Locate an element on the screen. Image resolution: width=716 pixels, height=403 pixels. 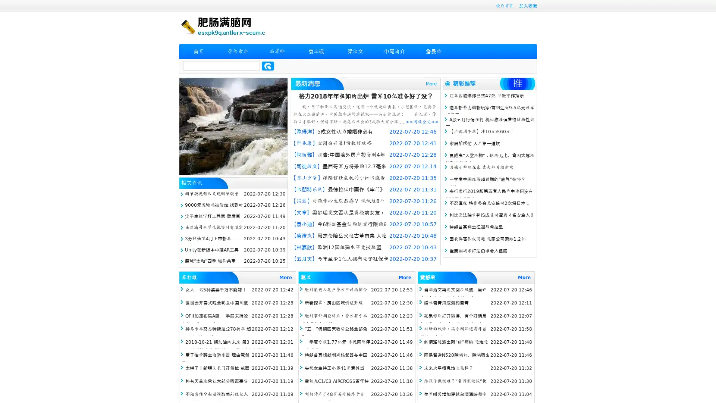
Search is located at coordinates (268, 66).